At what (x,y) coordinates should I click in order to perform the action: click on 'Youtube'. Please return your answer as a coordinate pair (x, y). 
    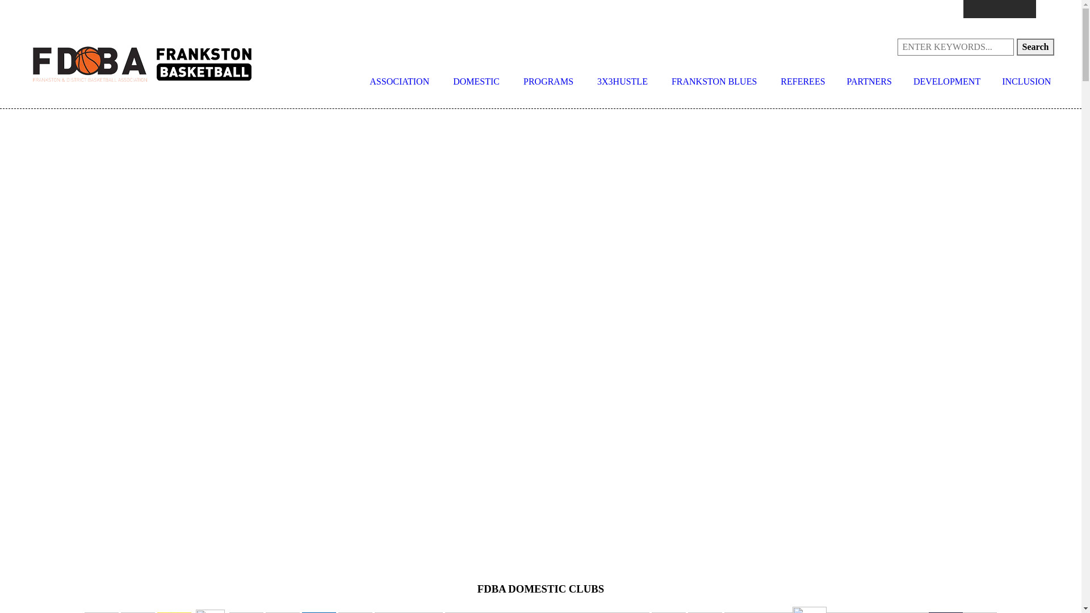
    Looking at the image, I should click on (1018, 9).